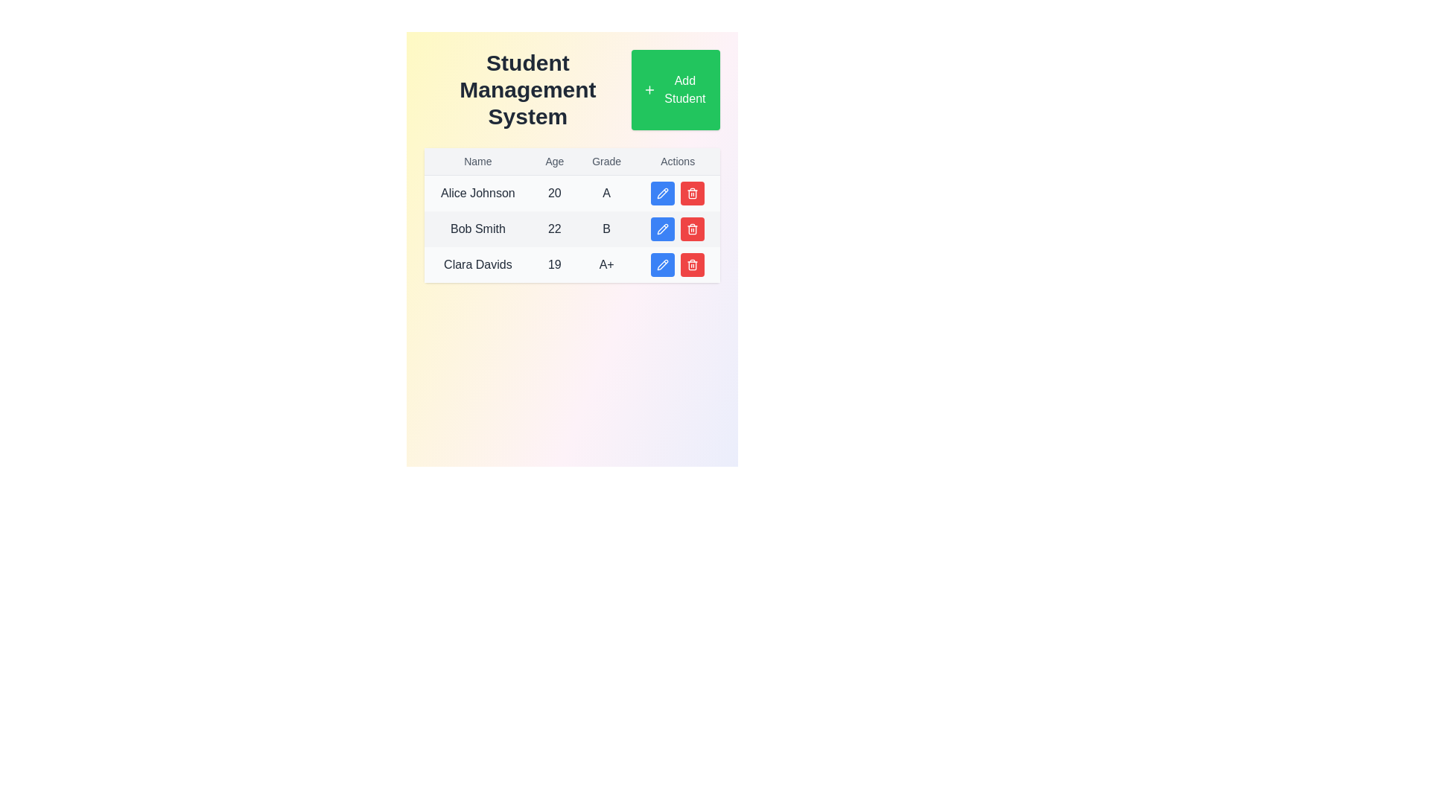 The width and height of the screenshot is (1430, 804). Describe the element at coordinates (571, 264) in the screenshot. I see `the last row in the data table displaying information about student Clara Davids` at that location.